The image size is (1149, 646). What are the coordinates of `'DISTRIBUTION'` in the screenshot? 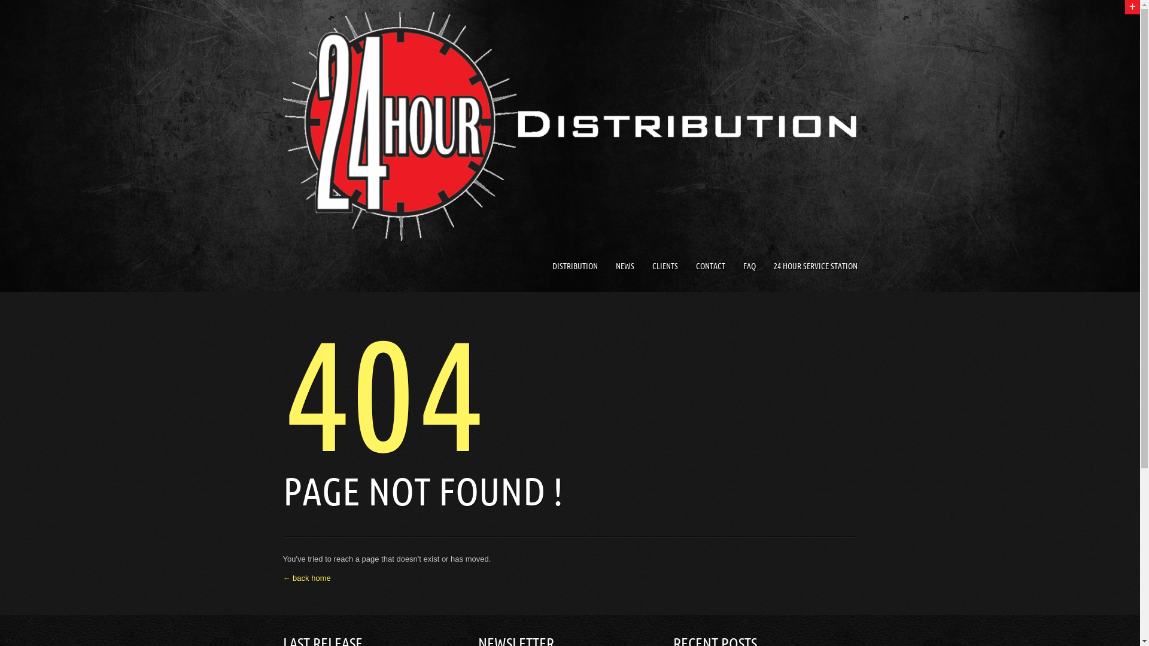 It's located at (574, 266).